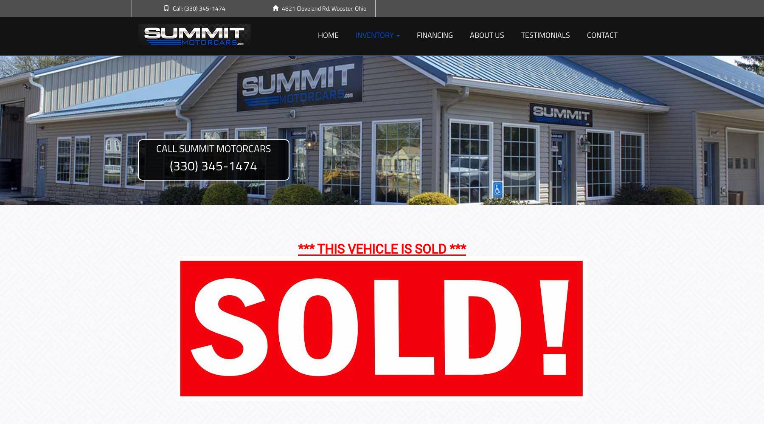  Describe the element at coordinates (213, 165) in the screenshot. I see `'(330) 345-1474'` at that location.